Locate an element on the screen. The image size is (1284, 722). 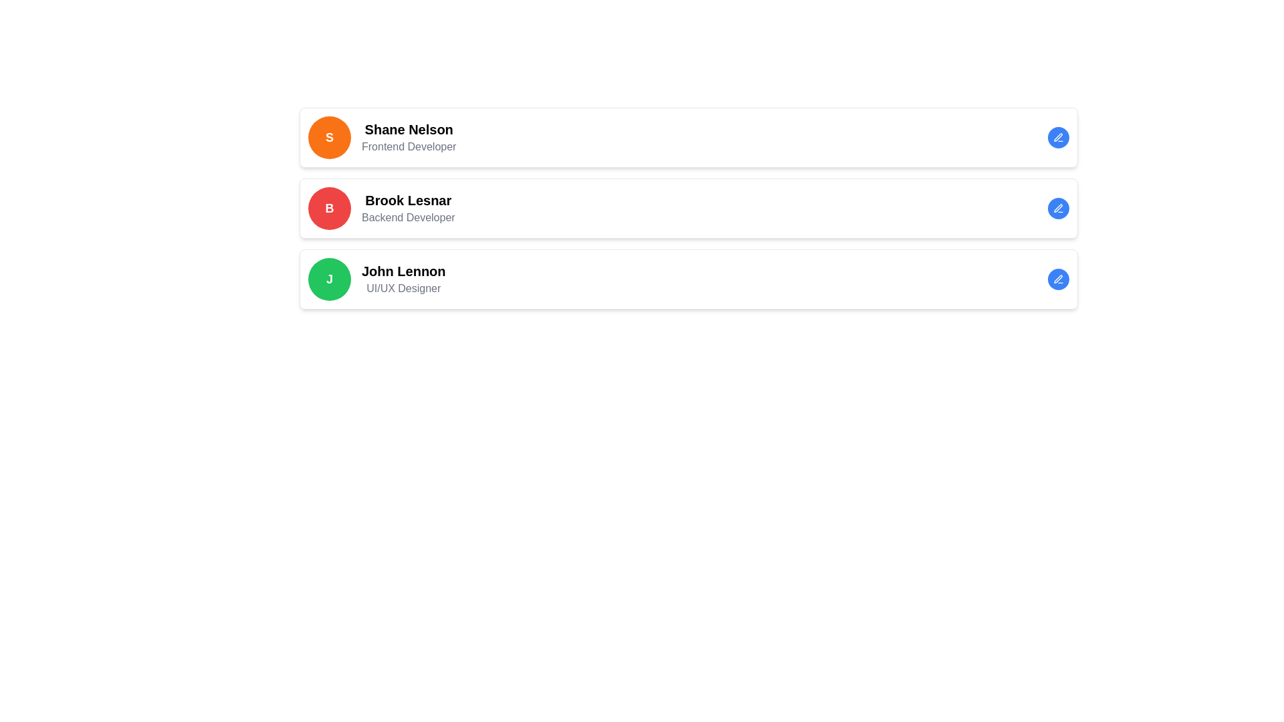
the profile avatar for user 'John Lennon', which is located in the third card of a vertical list of profiles is located at coordinates (330, 278).